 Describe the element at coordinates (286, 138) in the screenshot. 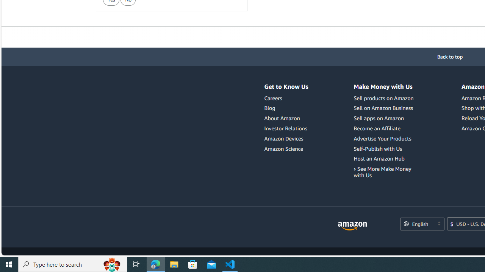

I see `'Amazon Devices'` at that location.